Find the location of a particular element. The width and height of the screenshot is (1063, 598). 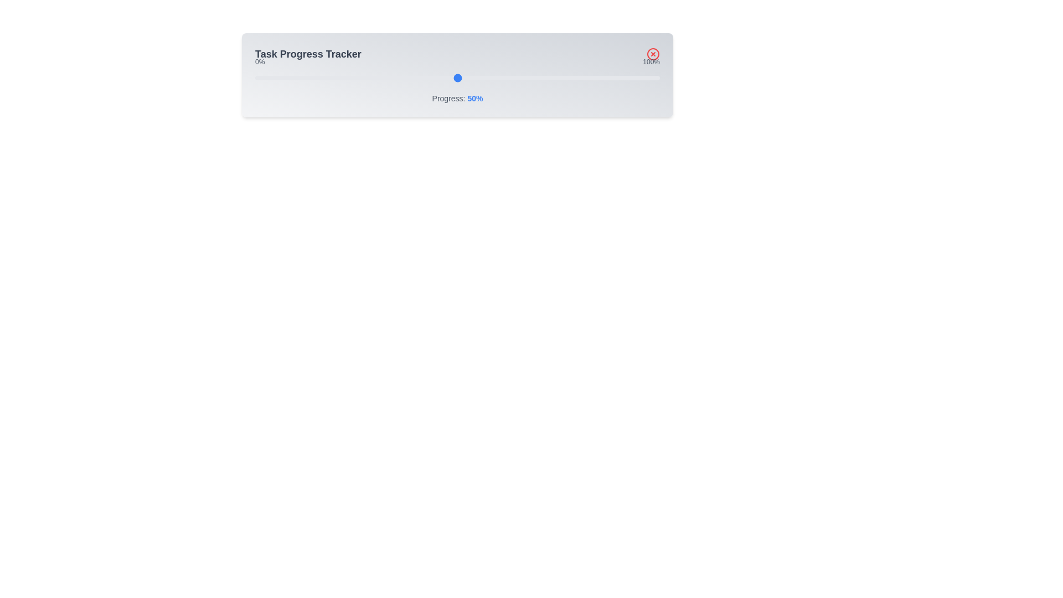

the close/cancel/dismiss icon in the 'Task Progress Tracker' section is located at coordinates (653, 54).